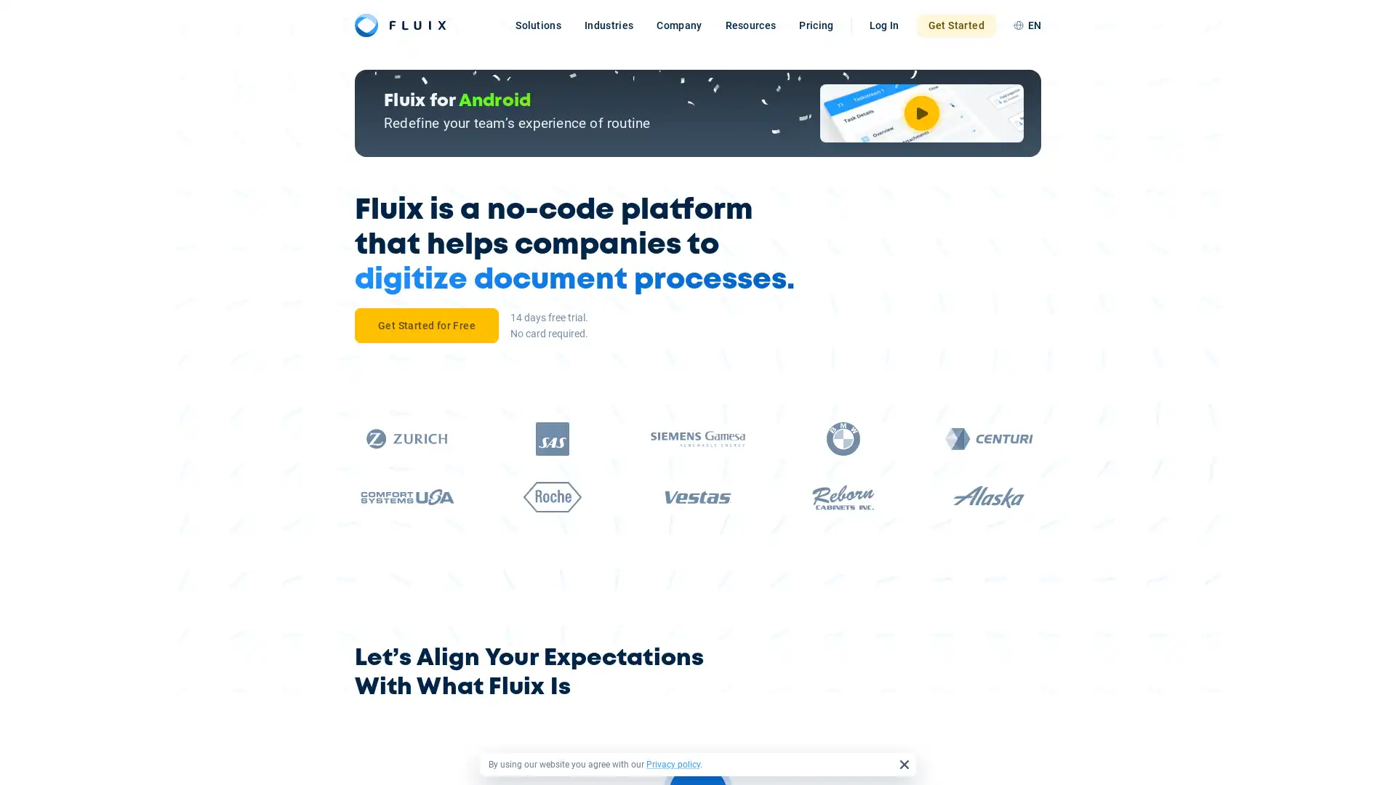 The width and height of the screenshot is (1396, 785). Describe the element at coordinates (920, 112) in the screenshot. I see `Watch Video` at that location.